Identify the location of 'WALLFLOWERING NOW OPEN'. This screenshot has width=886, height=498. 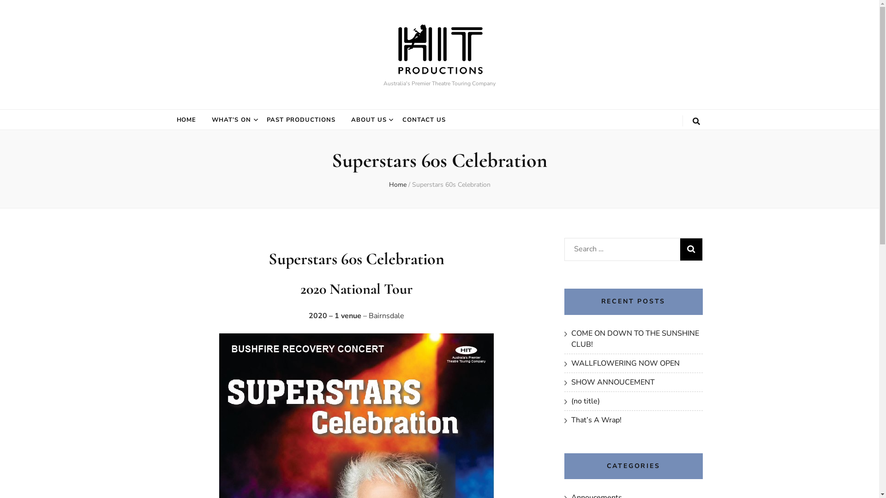
(625, 362).